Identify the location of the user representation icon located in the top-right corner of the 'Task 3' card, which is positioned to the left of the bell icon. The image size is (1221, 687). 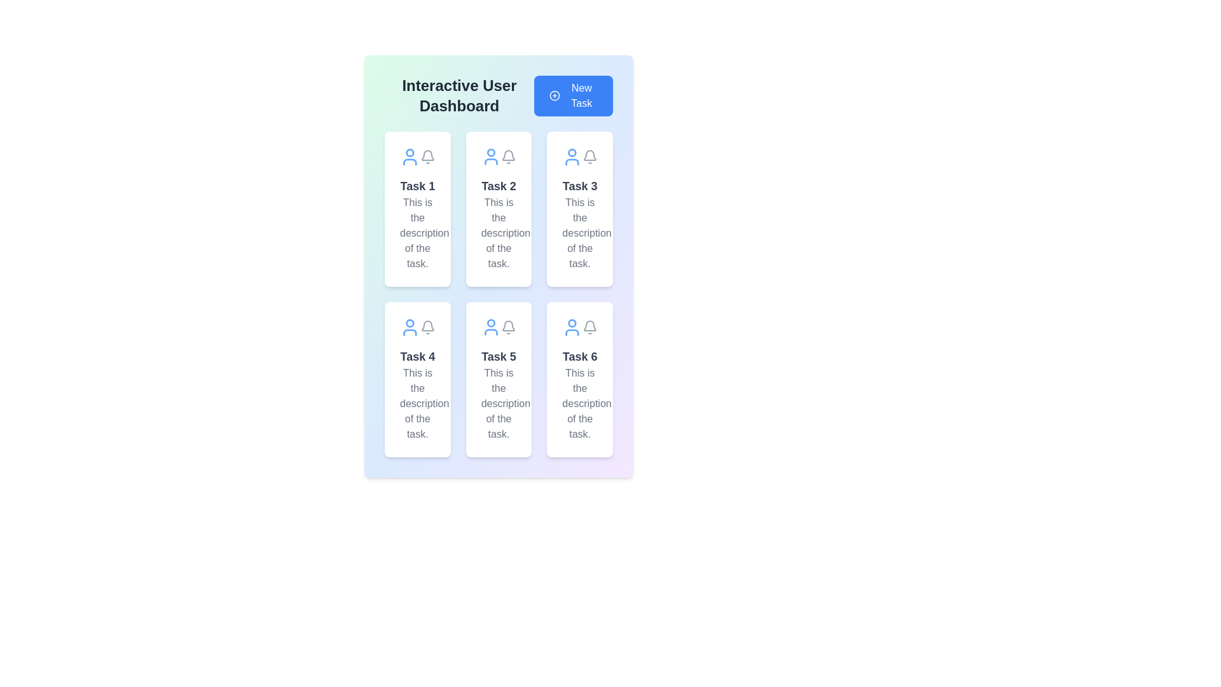
(572, 156).